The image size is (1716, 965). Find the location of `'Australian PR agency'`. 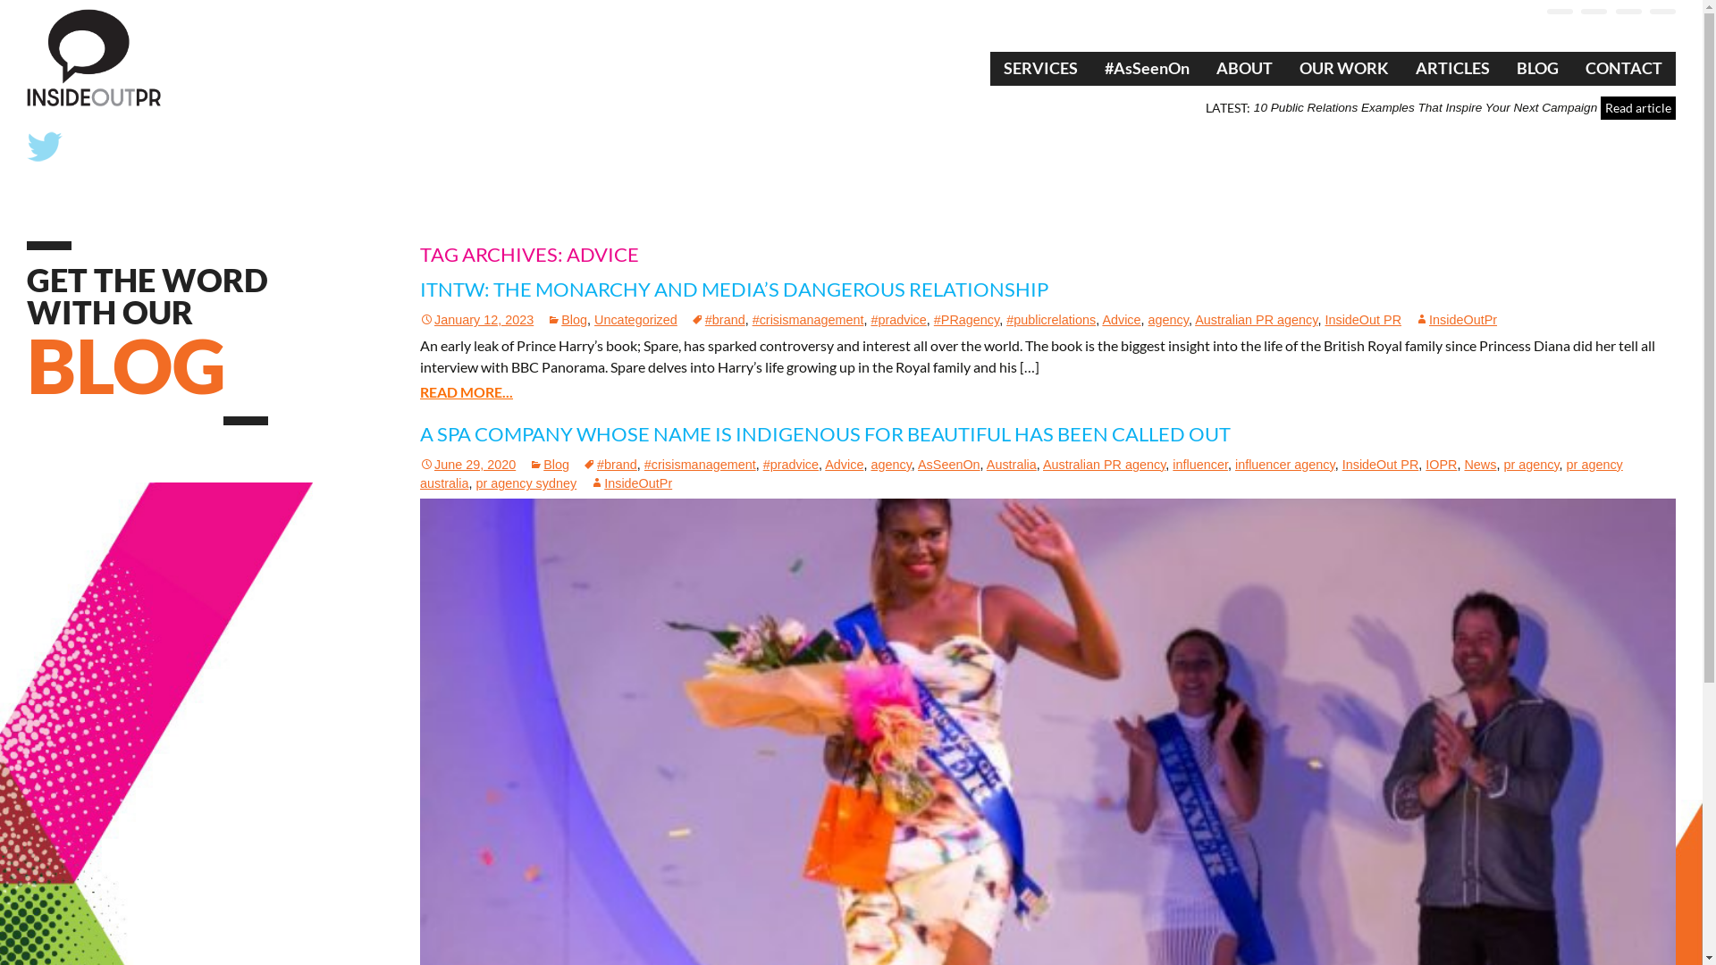

'Australian PR agency' is located at coordinates (1103, 464).